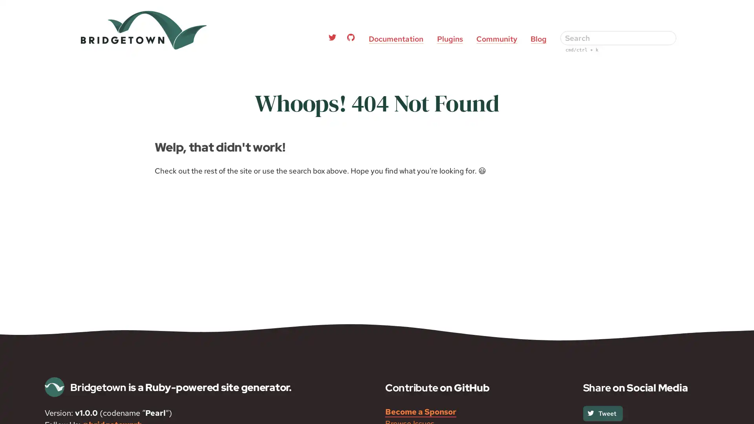 This screenshot has width=754, height=424. Describe the element at coordinates (602, 413) in the screenshot. I see `Tweet` at that location.